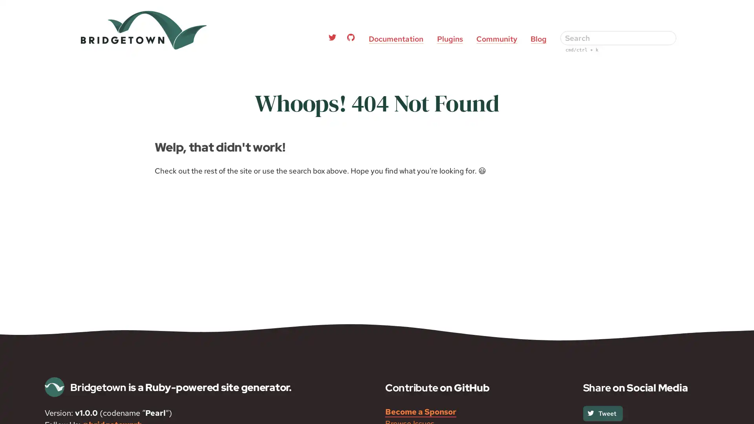 This screenshot has width=754, height=424. Describe the element at coordinates (602, 413) in the screenshot. I see `Tweet` at that location.